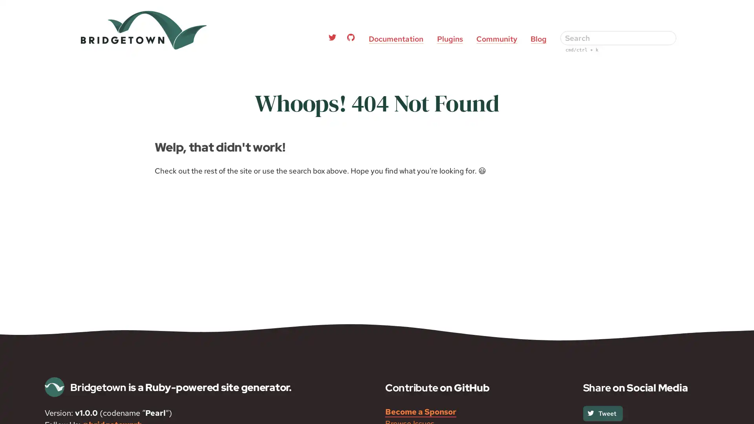 This screenshot has width=754, height=424. Describe the element at coordinates (602, 413) in the screenshot. I see `Tweet` at that location.